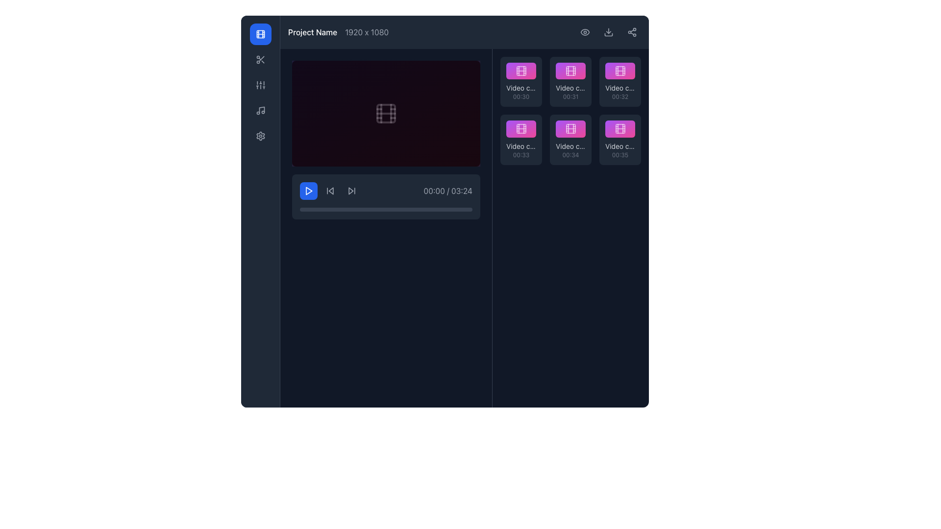  I want to click on the settings icon button located in the sidebar, which is the third icon in the vertical stack between the scissors icon and the music note icon, so click(260, 84).